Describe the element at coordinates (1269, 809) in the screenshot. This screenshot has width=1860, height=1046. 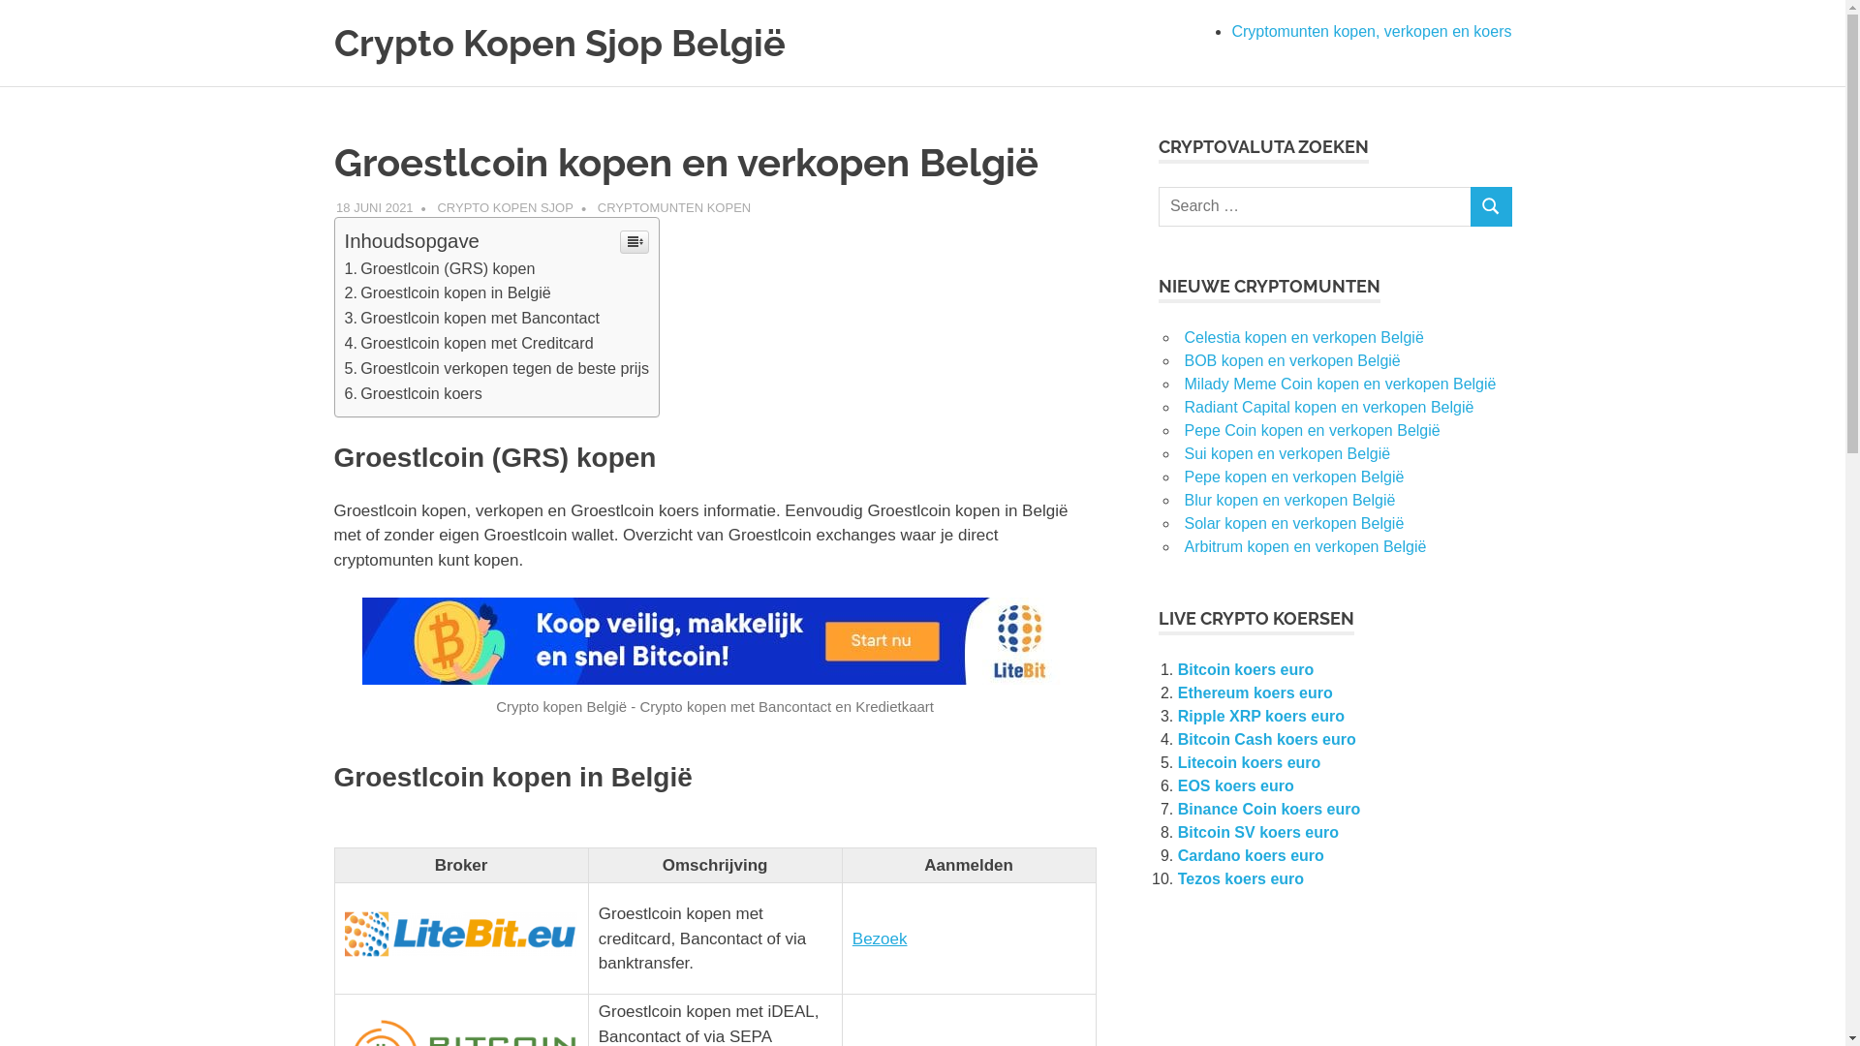
I see `'Binance Coin koers euro'` at that location.